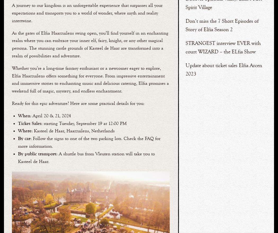  I want to click on 'Don’t miss the 7 Short Episodes of Story of Elfia Season 2', so click(222, 25).